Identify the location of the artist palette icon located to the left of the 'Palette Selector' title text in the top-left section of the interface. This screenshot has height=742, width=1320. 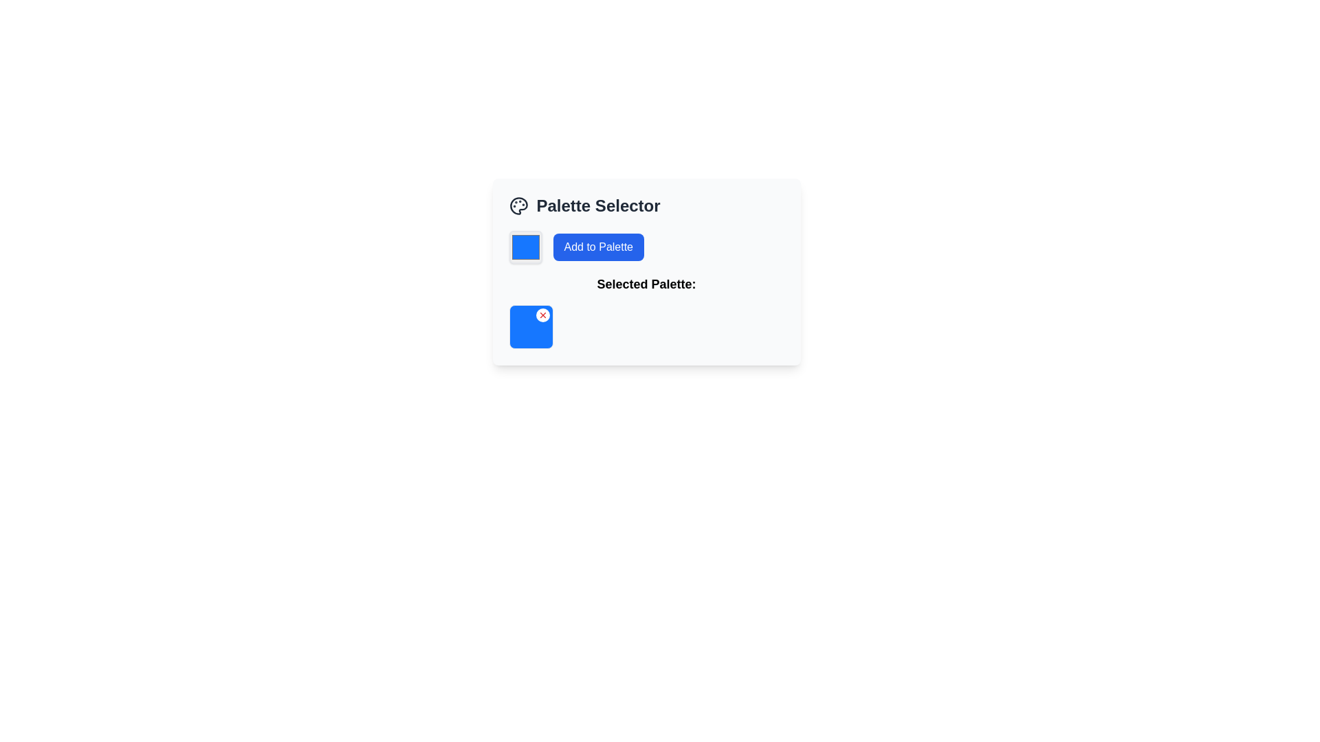
(518, 206).